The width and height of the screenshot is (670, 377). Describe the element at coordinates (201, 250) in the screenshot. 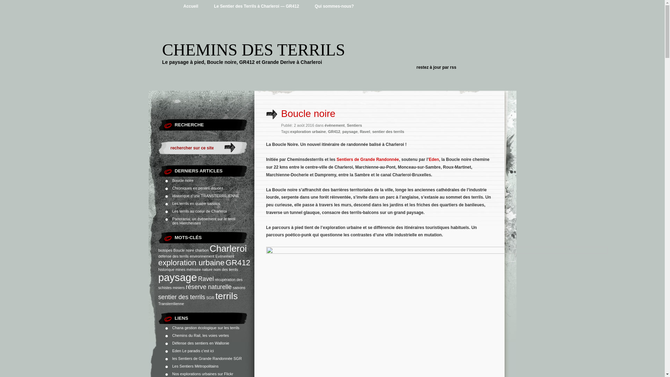

I see `'charbon'` at that location.